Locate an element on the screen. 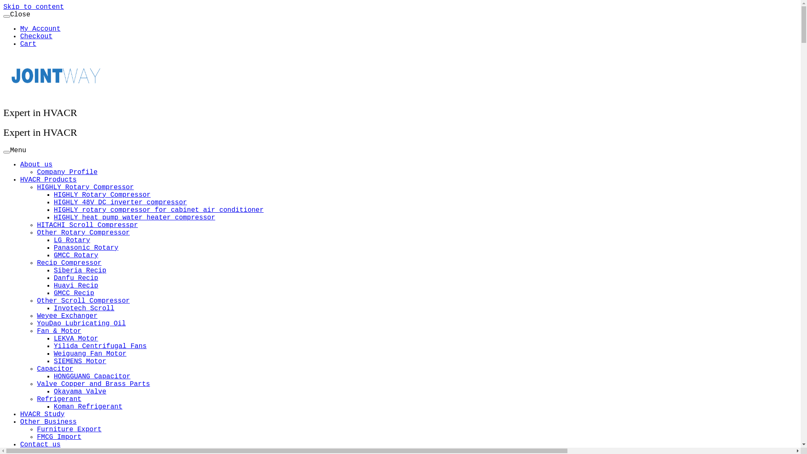 This screenshot has height=454, width=807. 'Capacitor' is located at coordinates (54, 369).